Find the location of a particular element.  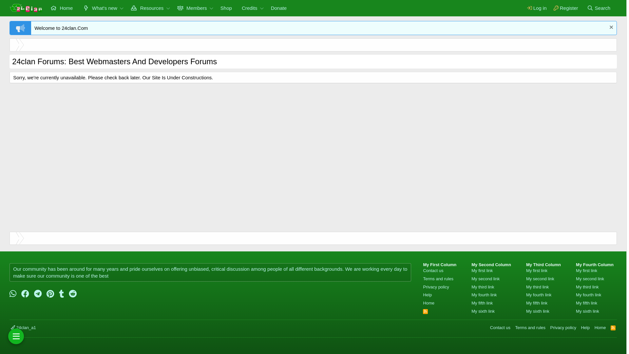

'Terms and rules' is located at coordinates (514, 327).